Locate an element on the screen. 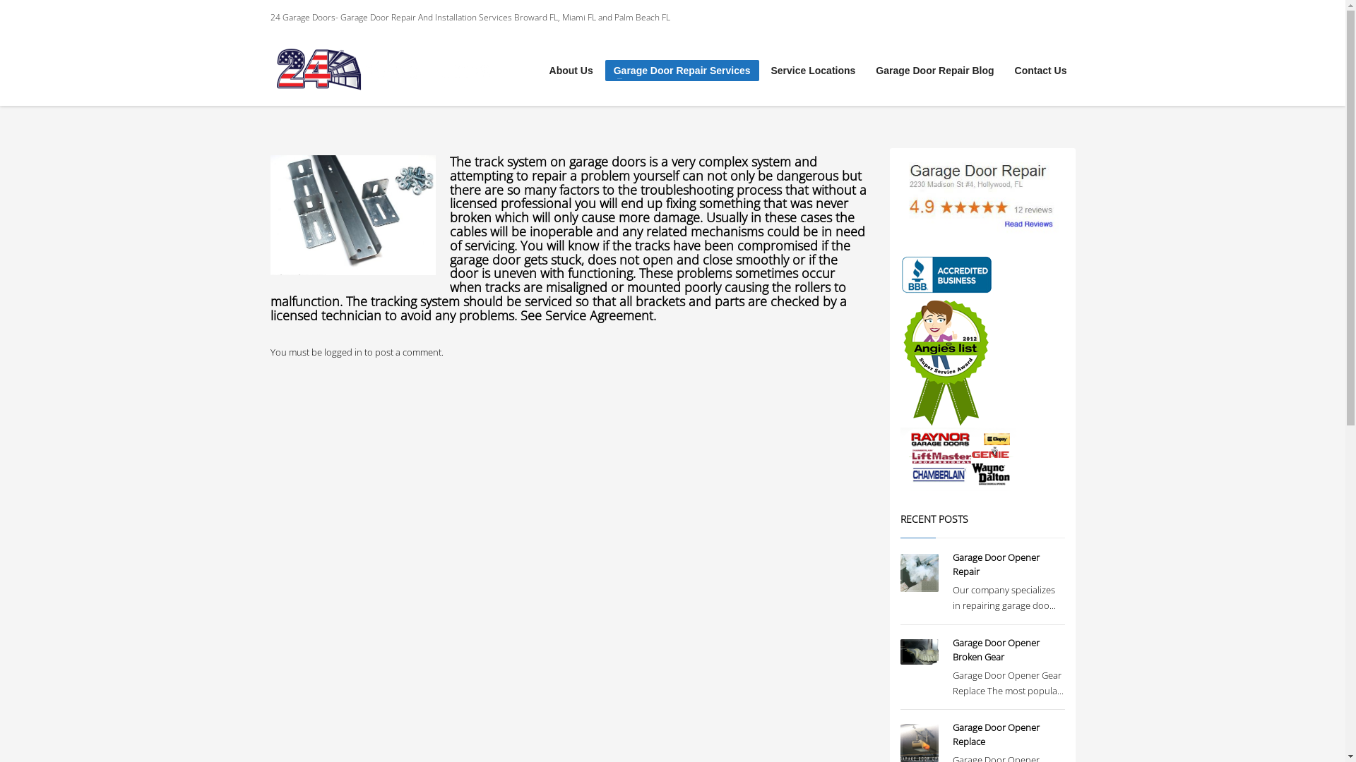 Image resolution: width=1356 pixels, height=762 pixels. 'Garage Door Opener Replace' is located at coordinates (995, 734).